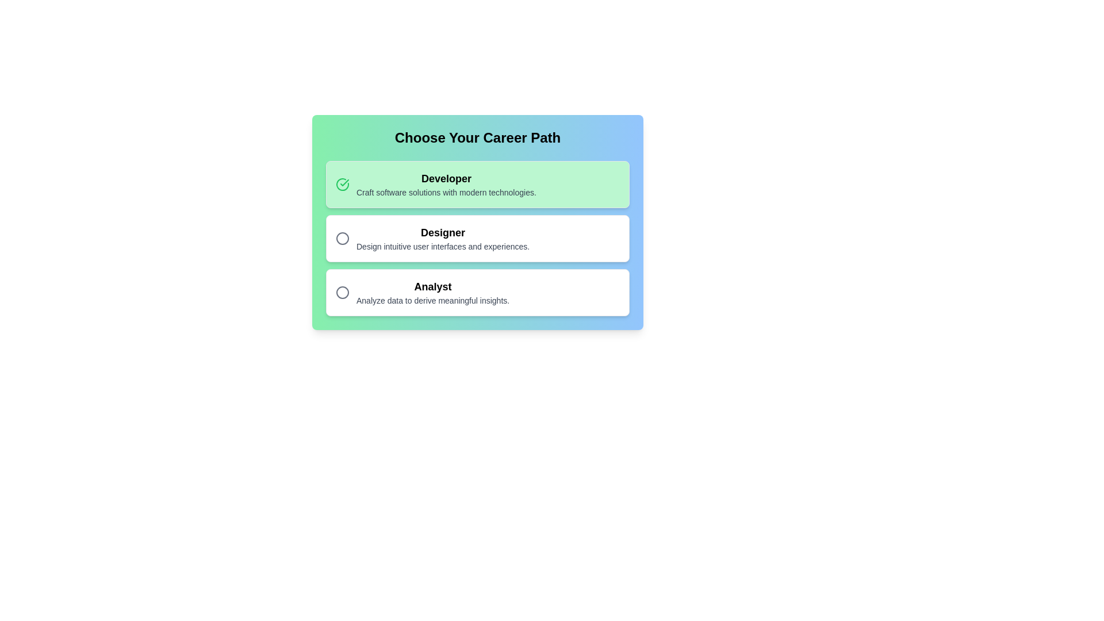 The height and width of the screenshot is (621, 1104). What do you see at coordinates (344, 182) in the screenshot?
I see `the visual indicator icon for the 'Developer' option in the vertically arranged selection menu, positioned near the left edge of the option's border` at bounding box center [344, 182].